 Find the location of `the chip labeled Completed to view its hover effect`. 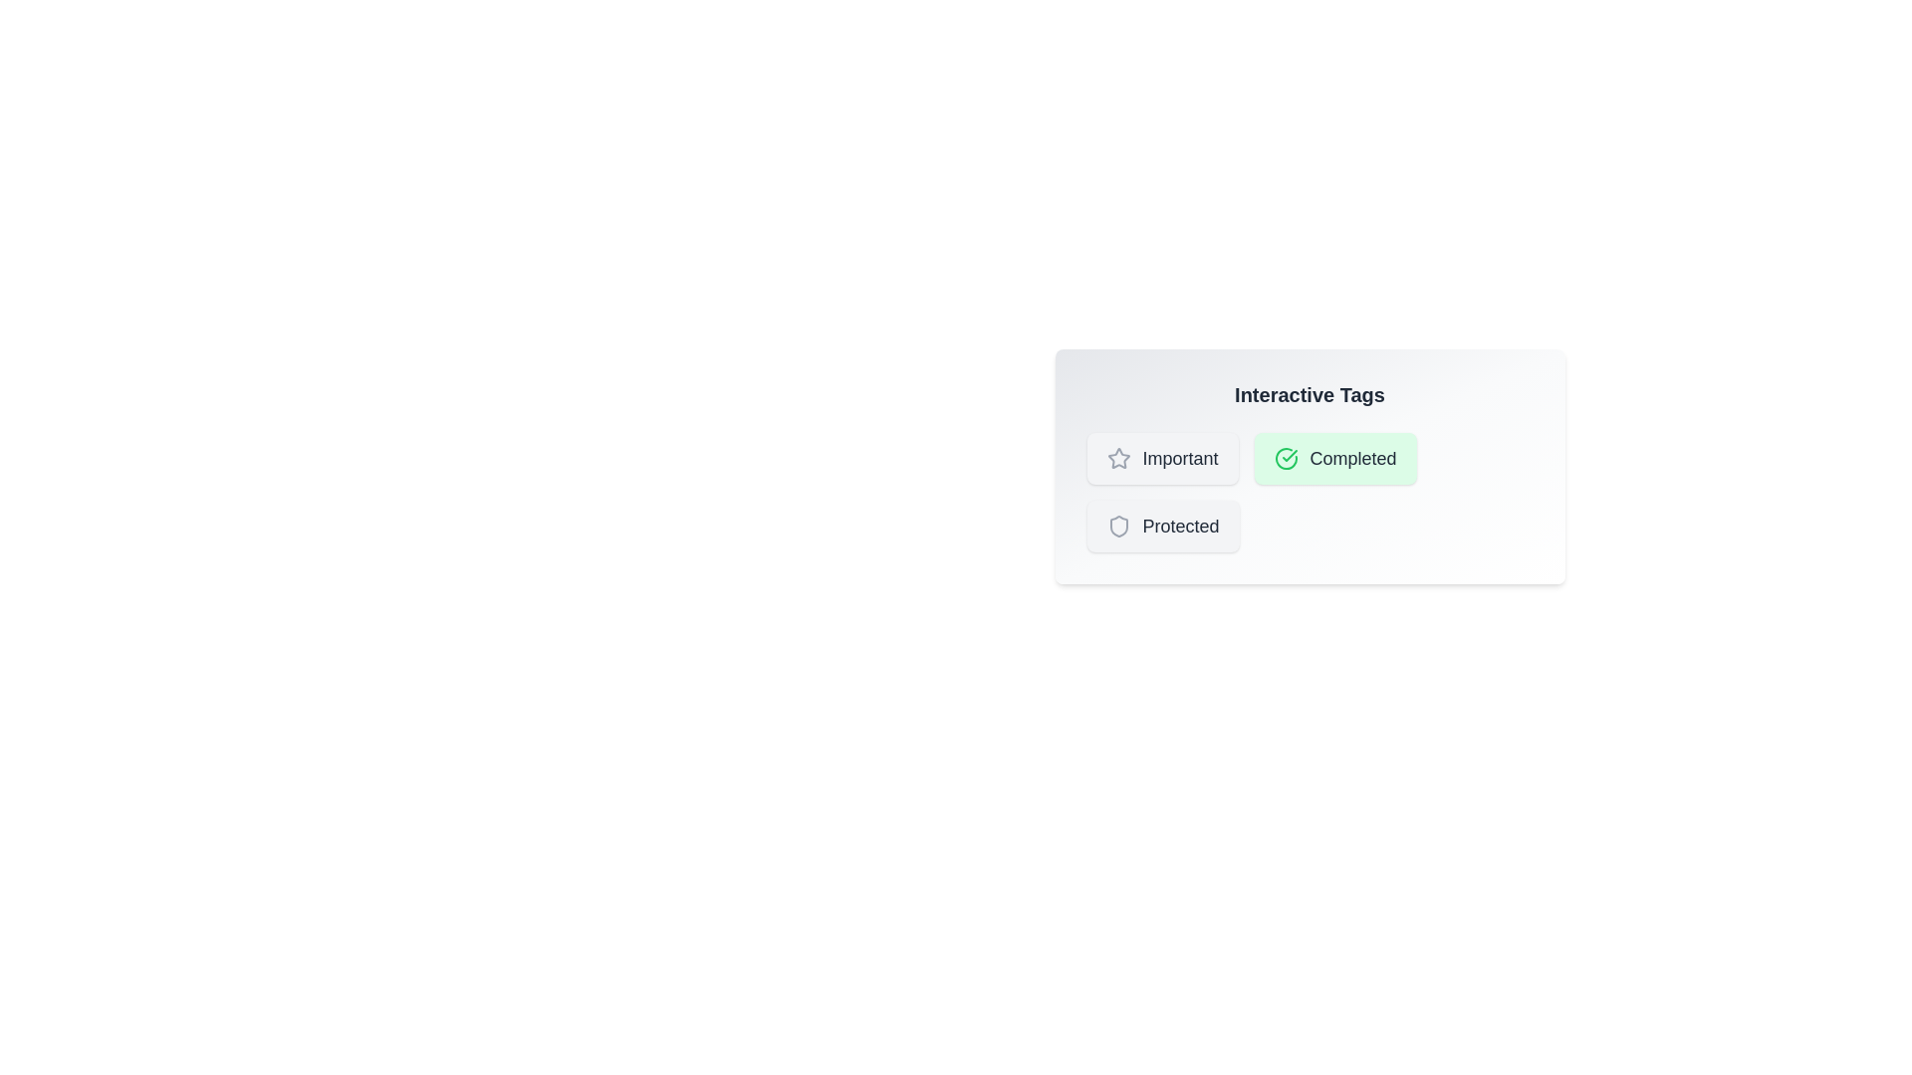

the chip labeled Completed to view its hover effect is located at coordinates (1335, 459).